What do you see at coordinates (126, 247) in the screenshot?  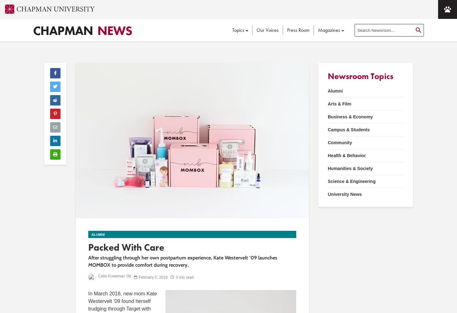 I see `'Packed With Care'` at bounding box center [126, 247].